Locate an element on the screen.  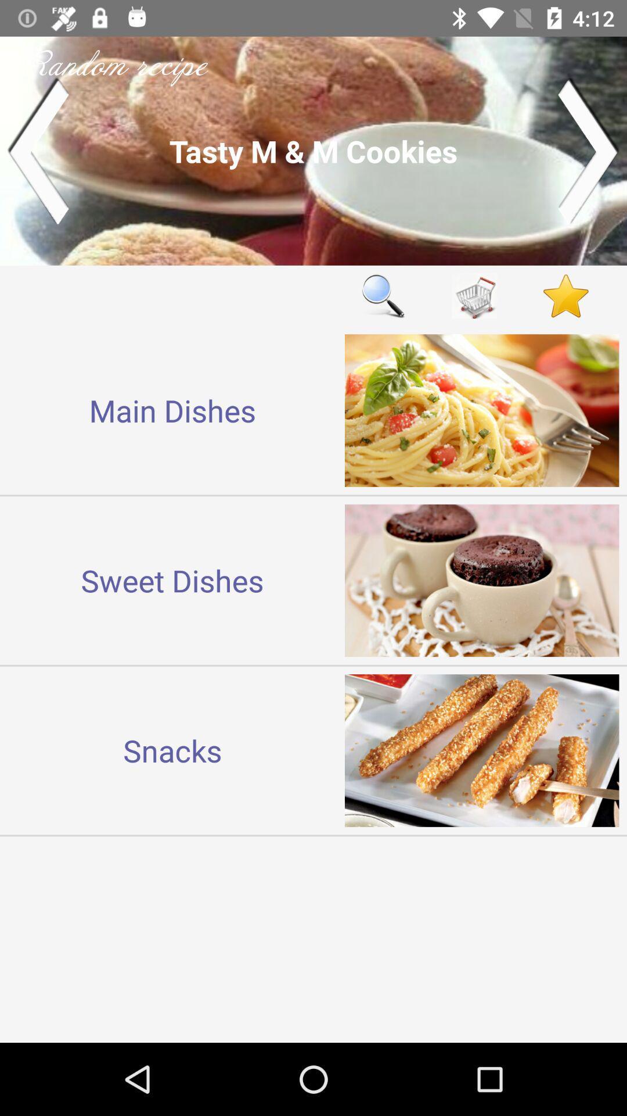
sweet dishes item is located at coordinates (172, 580).